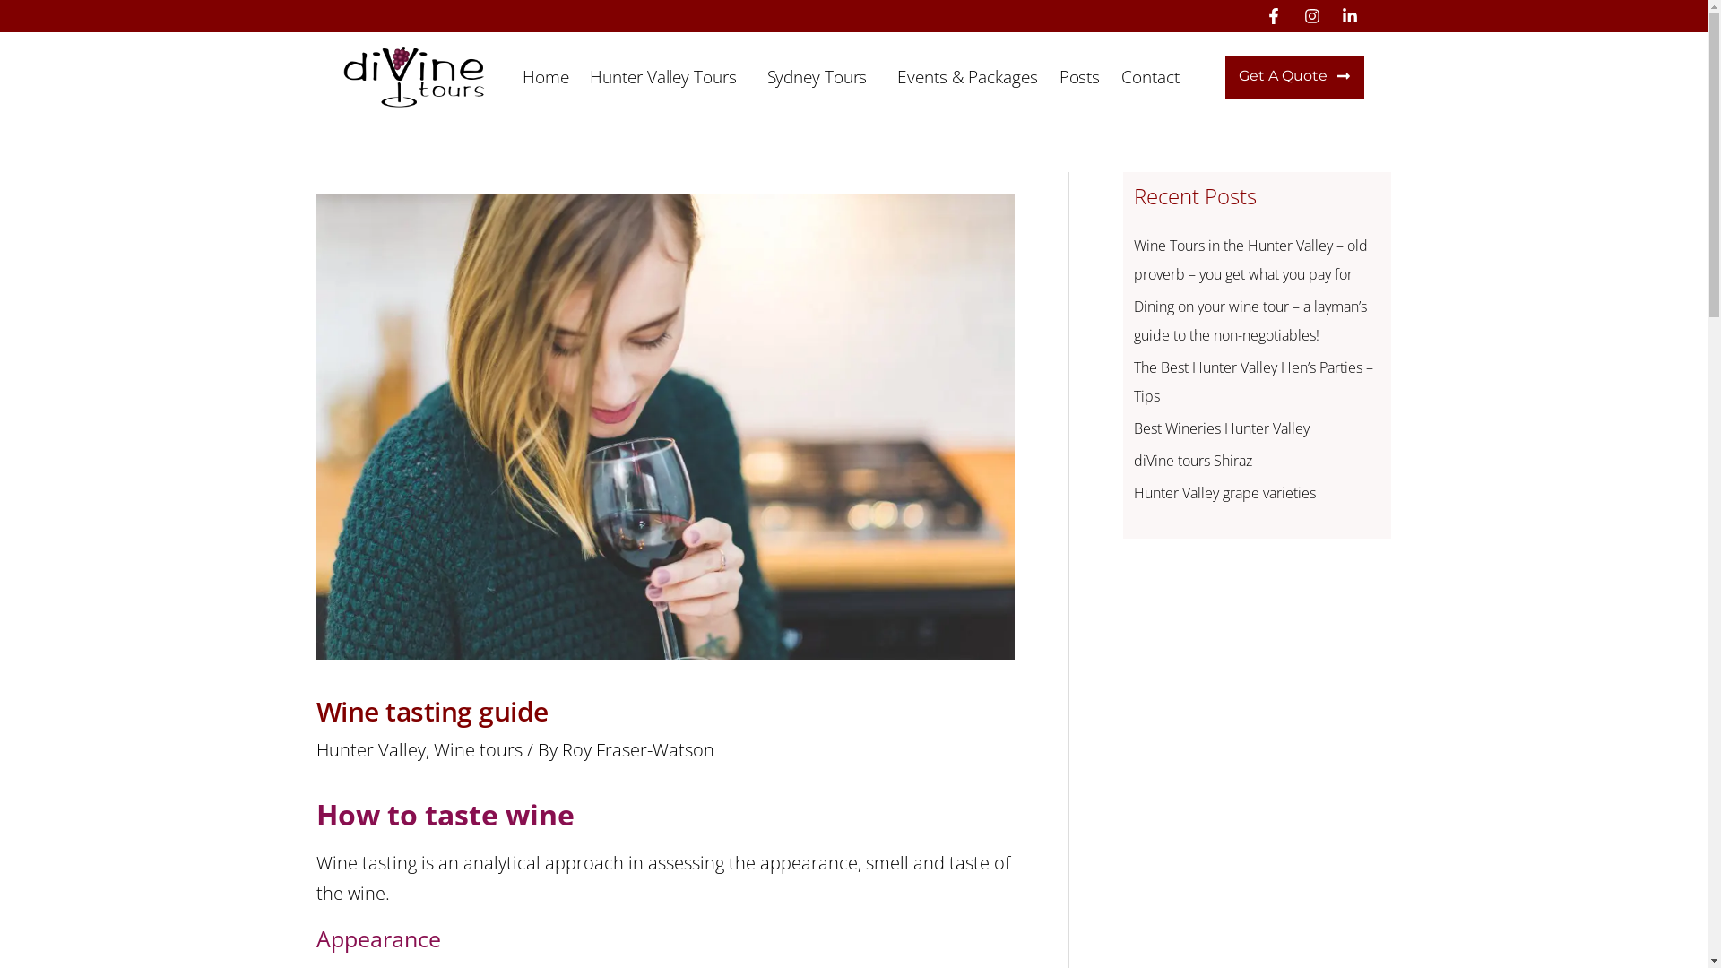 The height and width of the screenshot is (968, 1721). I want to click on 'Hunter Valley grape varieties', so click(1223, 493).